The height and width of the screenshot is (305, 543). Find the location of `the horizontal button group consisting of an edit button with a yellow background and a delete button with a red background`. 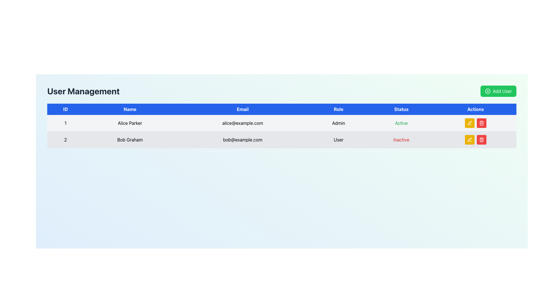

the horizontal button group consisting of an edit button with a yellow background and a delete button with a red background is located at coordinates (475, 140).